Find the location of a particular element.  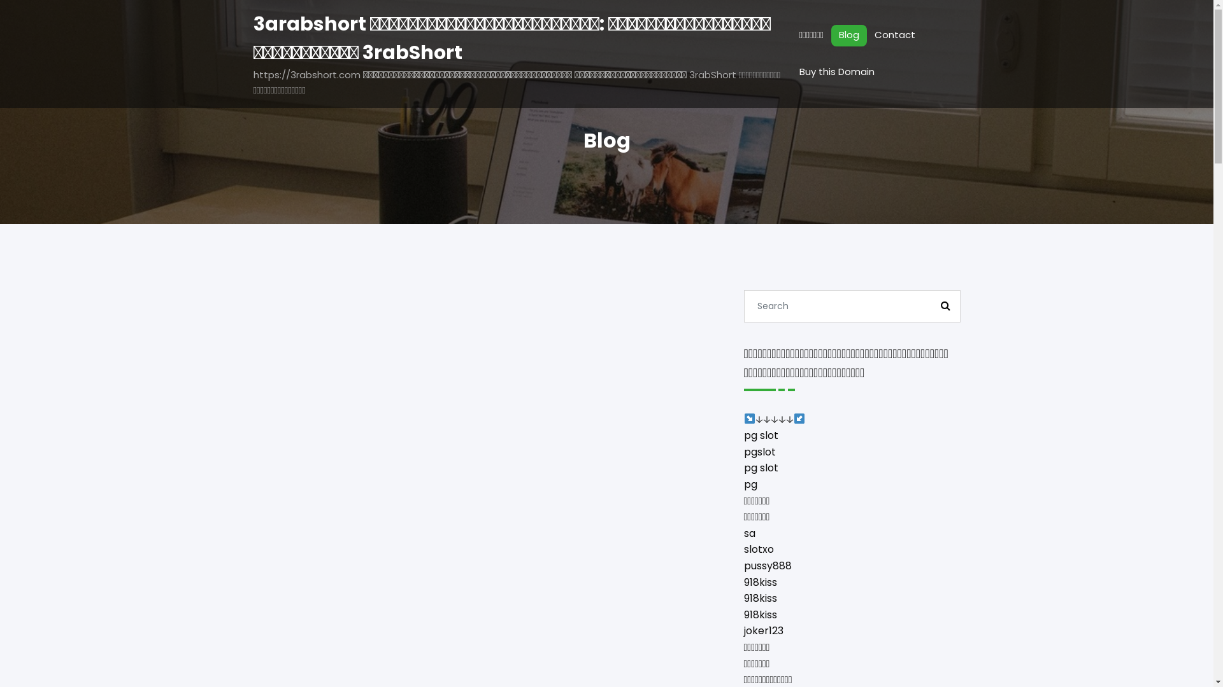

'slotxo' is located at coordinates (743, 548).